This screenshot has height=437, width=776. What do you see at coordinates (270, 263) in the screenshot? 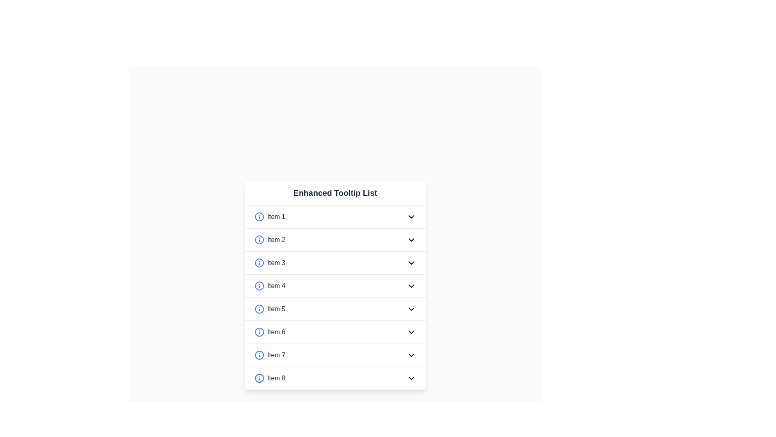
I see `the text label displaying 'Item 3', which is styled in gray and located in the third list item of a vertical list` at bounding box center [270, 263].